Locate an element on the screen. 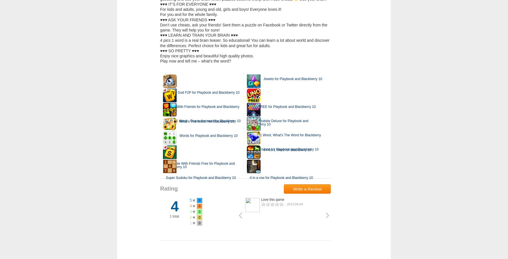  '4 in a row for Playbook and Blackberry 10' is located at coordinates (281, 177).